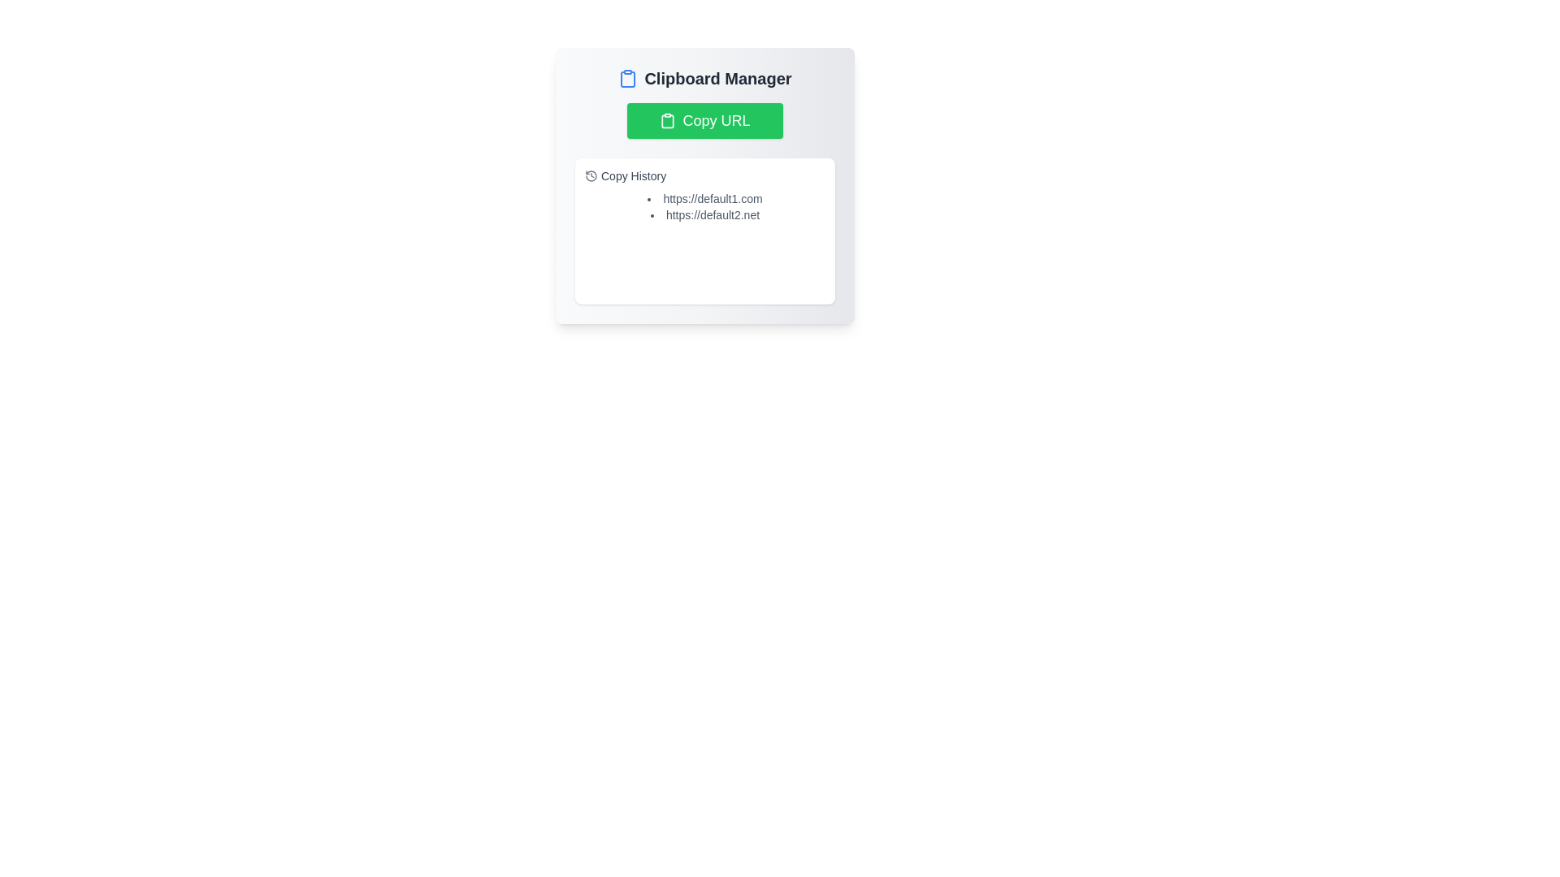 Image resolution: width=1560 pixels, height=877 pixels. What do you see at coordinates (627, 78) in the screenshot?
I see `the clipboard icon located in the top left of the 'Clipboard Manager' section, positioned before the text 'Clipboard Manager'` at bounding box center [627, 78].